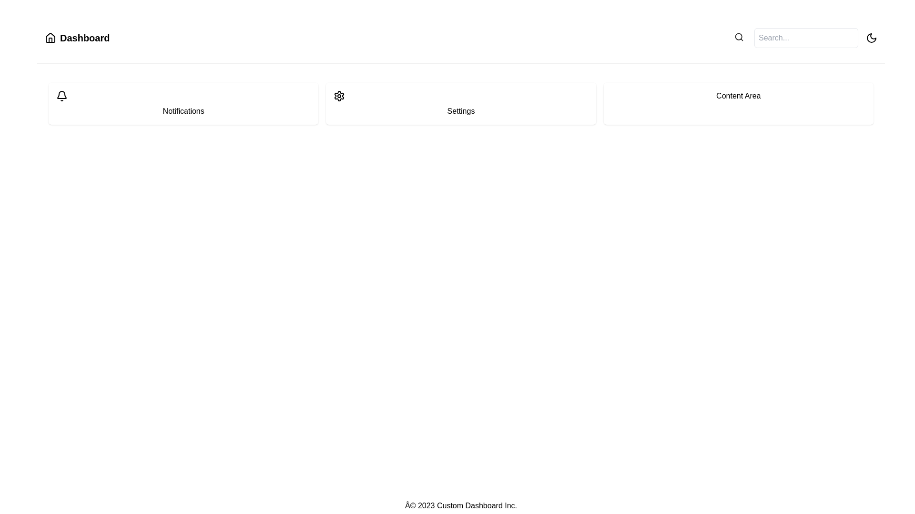 Image resolution: width=915 pixels, height=514 pixels. I want to click on the bell icon for notifications, which is an outline SVG element located above the 'Notifications' label, so click(61, 96).